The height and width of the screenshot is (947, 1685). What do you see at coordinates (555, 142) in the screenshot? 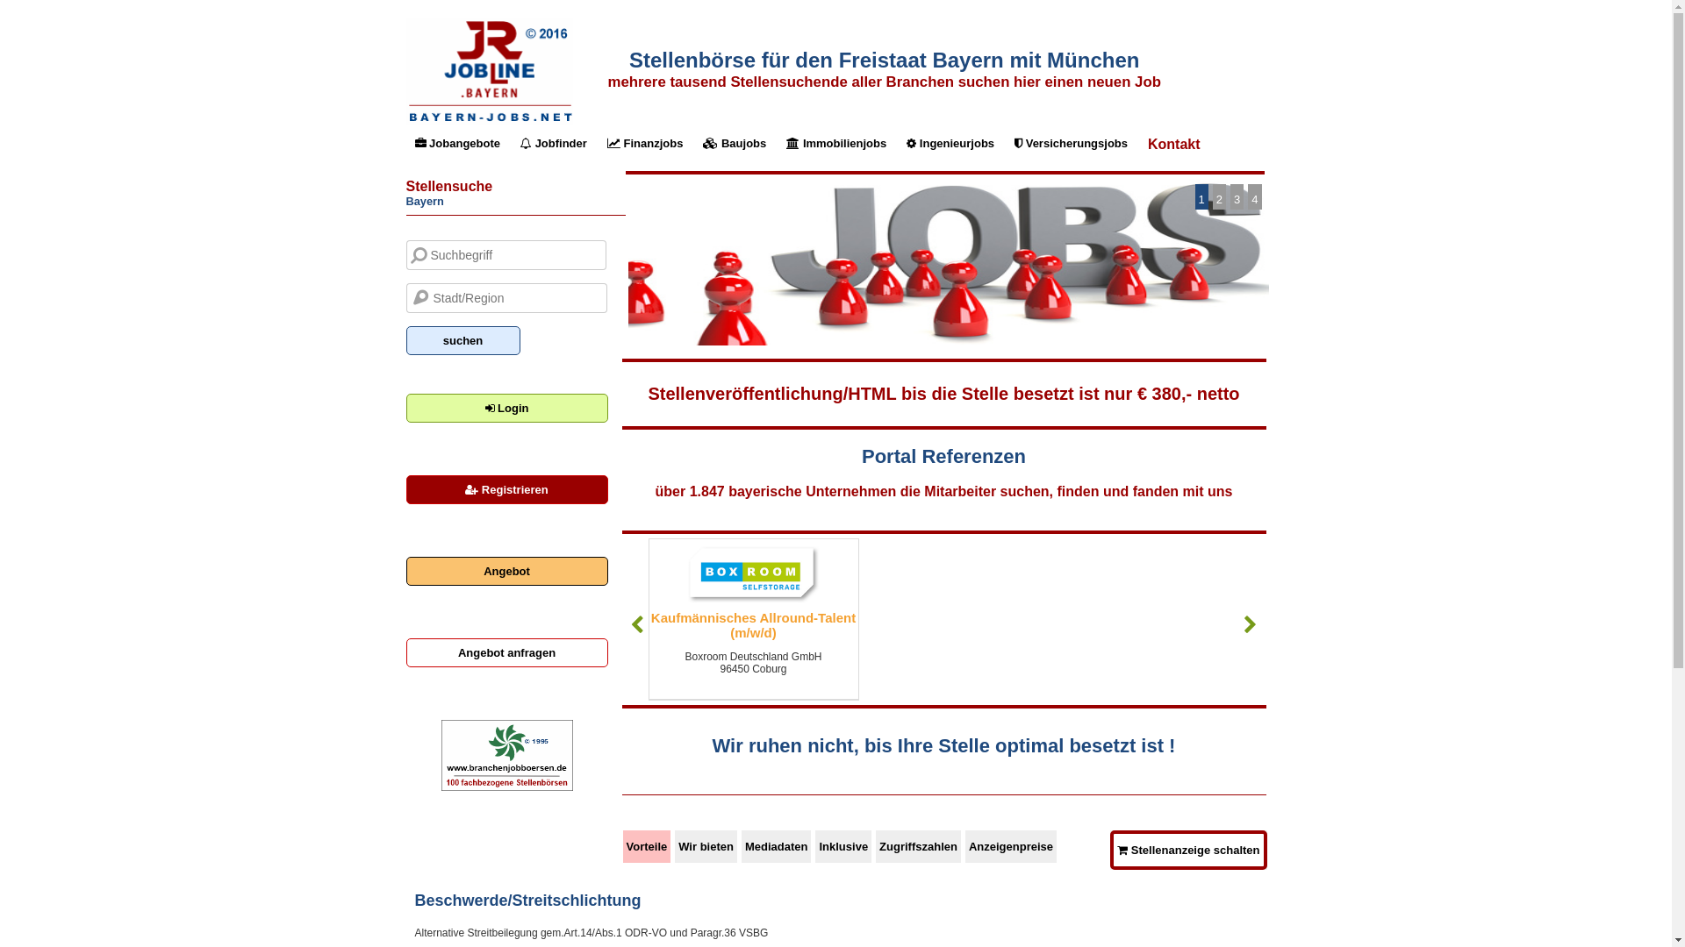
I see `'Jobfinder'` at bounding box center [555, 142].